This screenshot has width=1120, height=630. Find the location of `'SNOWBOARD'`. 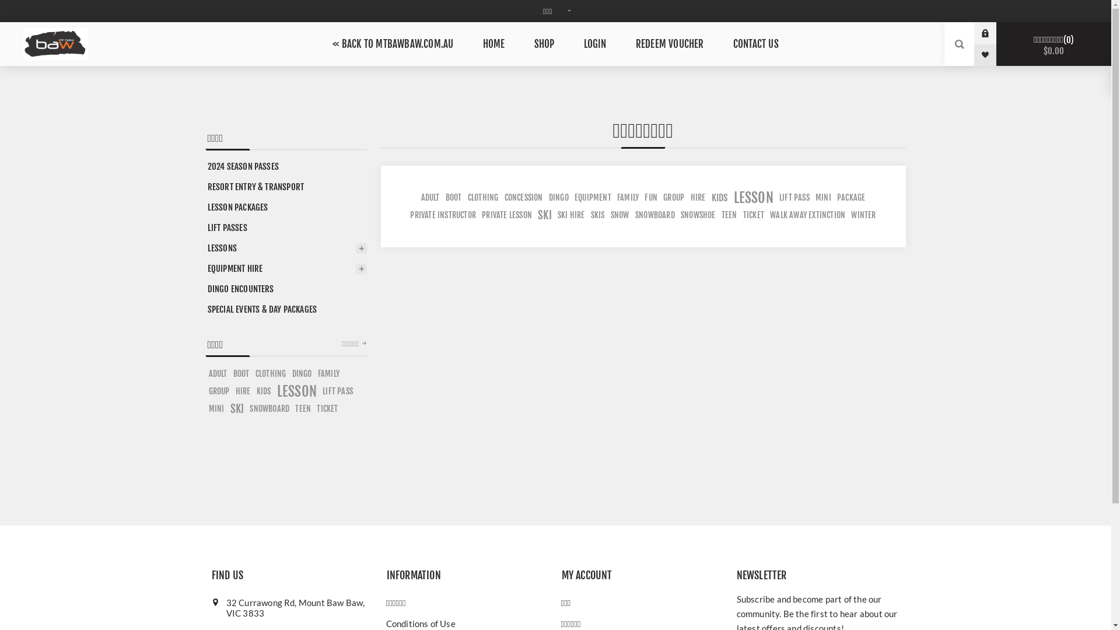

'SNOWBOARD' is located at coordinates (249, 408).